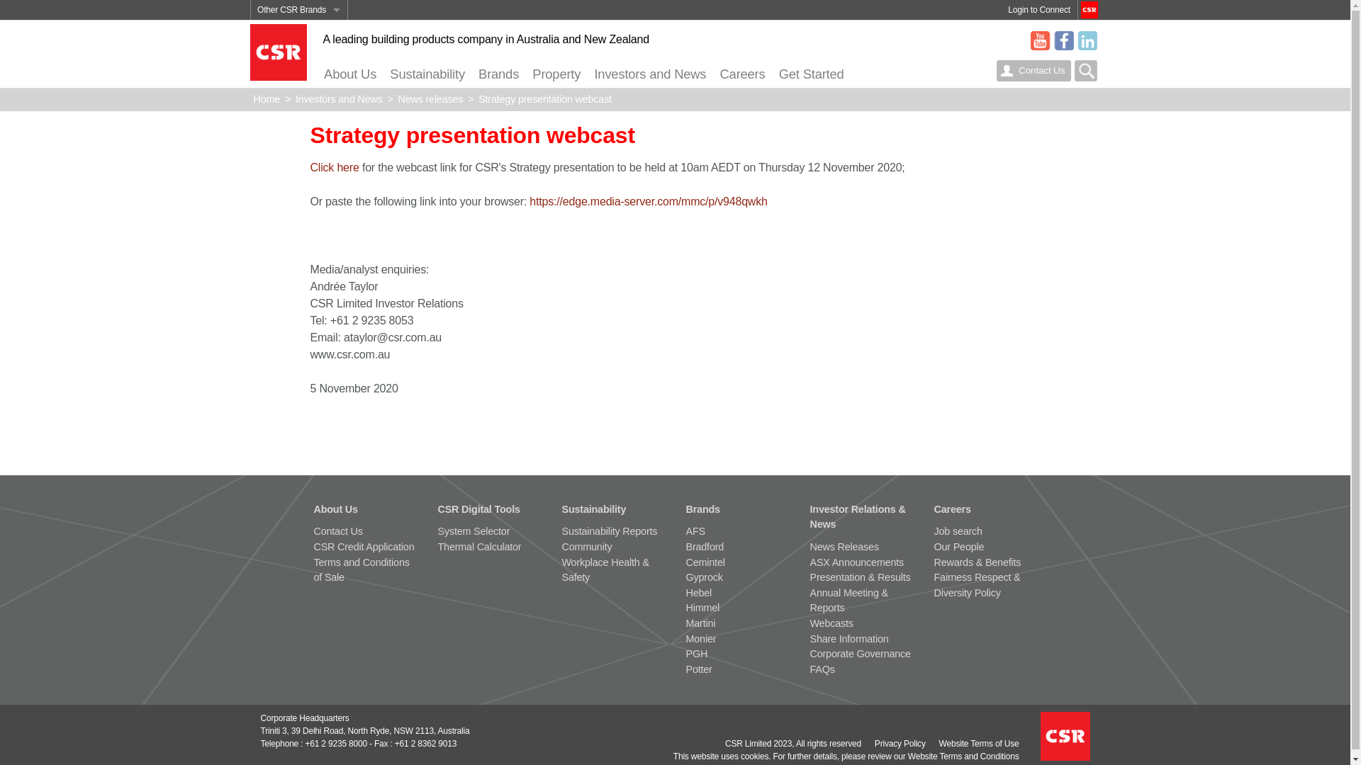 The height and width of the screenshot is (765, 1361). What do you see at coordinates (859, 577) in the screenshot?
I see `'Presentation & Results'` at bounding box center [859, 577].